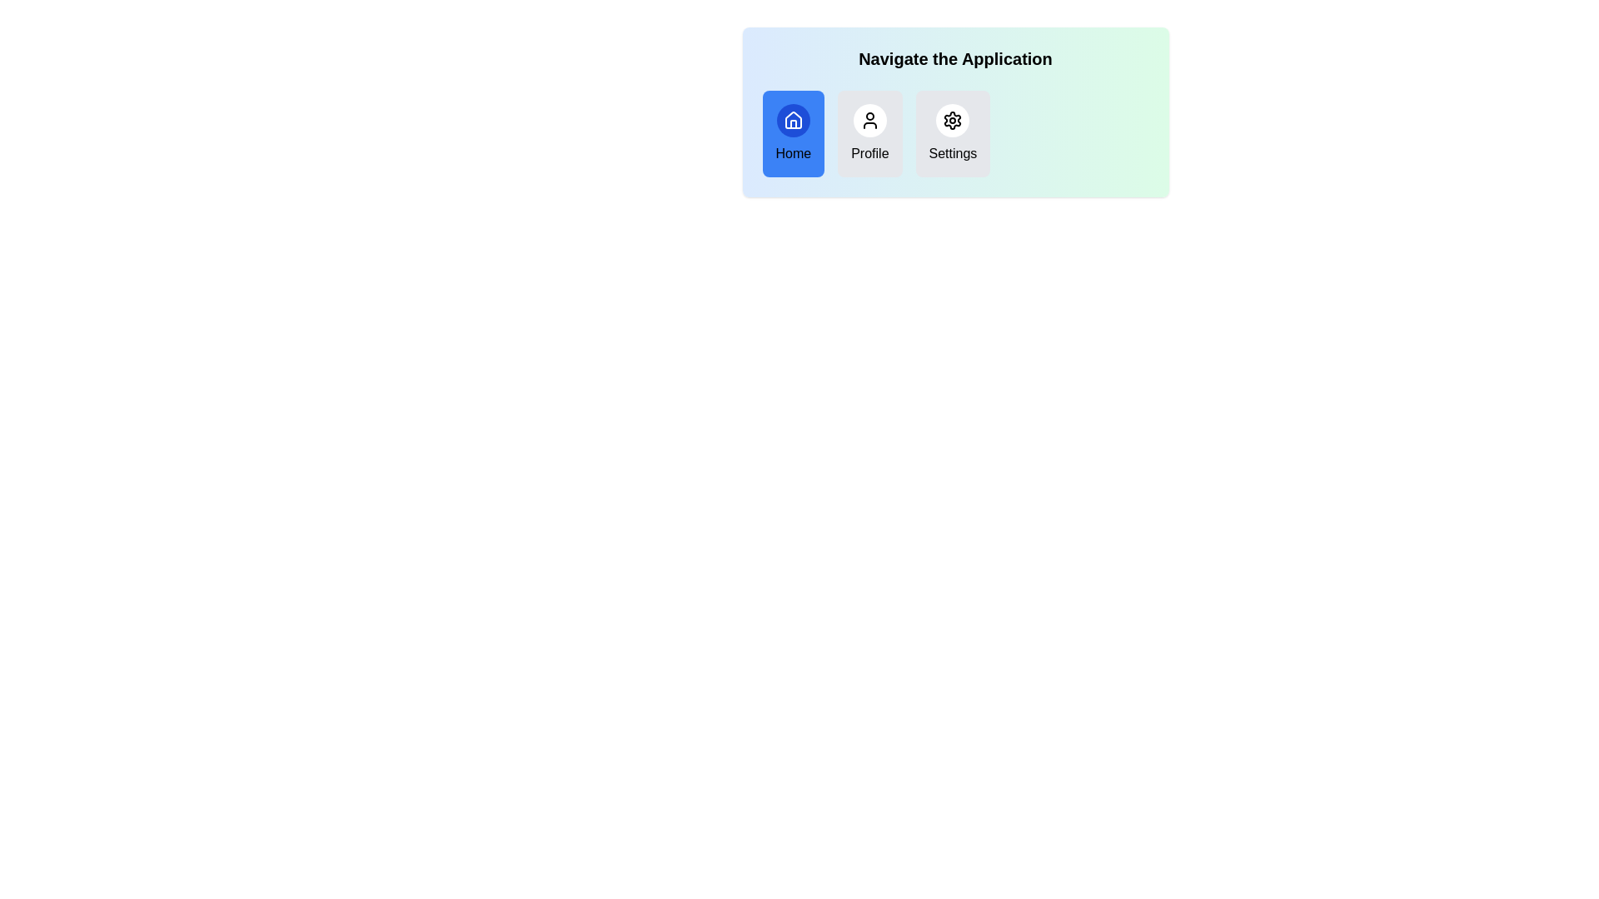 The image size is (1599, 899). What do you see at coordinates (761, 47) in the screenshot?
I see `the heading text by clicking and dragging over it` at bounding box center [761, 47].